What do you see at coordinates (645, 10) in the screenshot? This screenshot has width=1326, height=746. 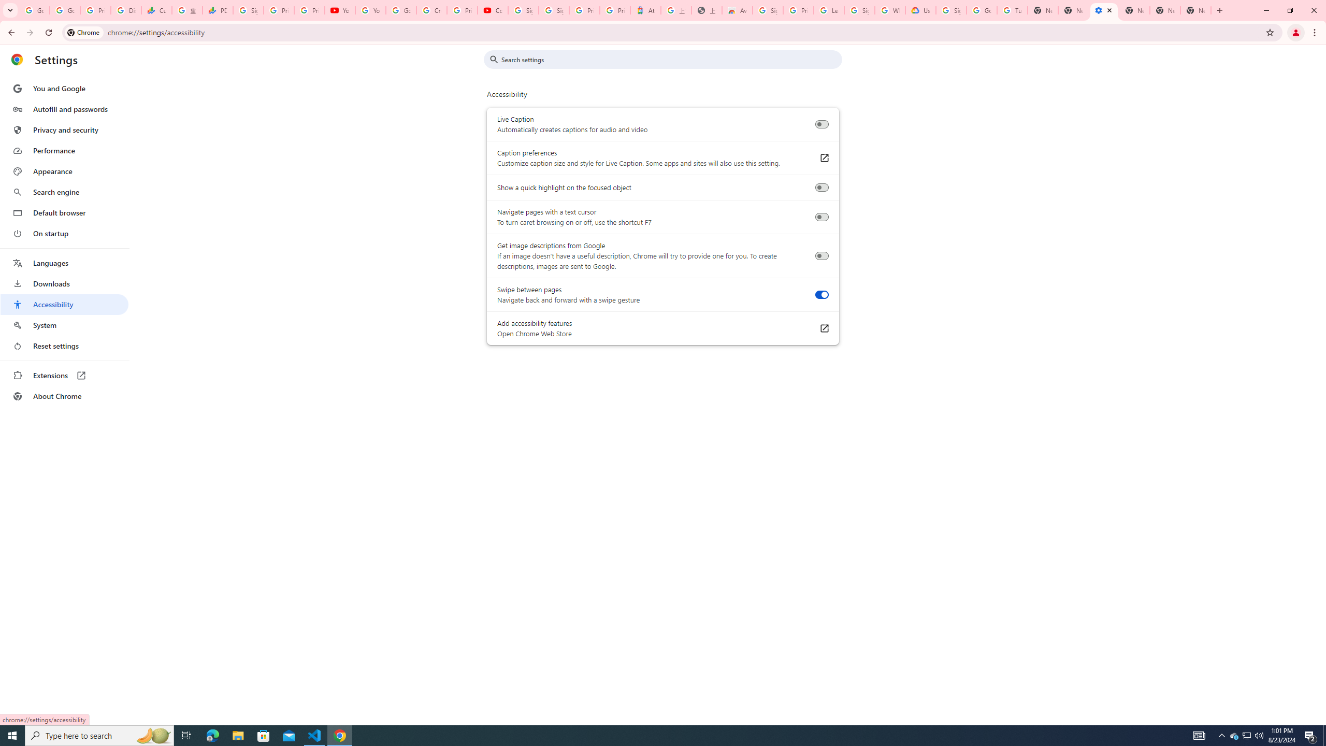 I see `'Atour Hotel - Google hotels'` at bounding box center [645, 10].